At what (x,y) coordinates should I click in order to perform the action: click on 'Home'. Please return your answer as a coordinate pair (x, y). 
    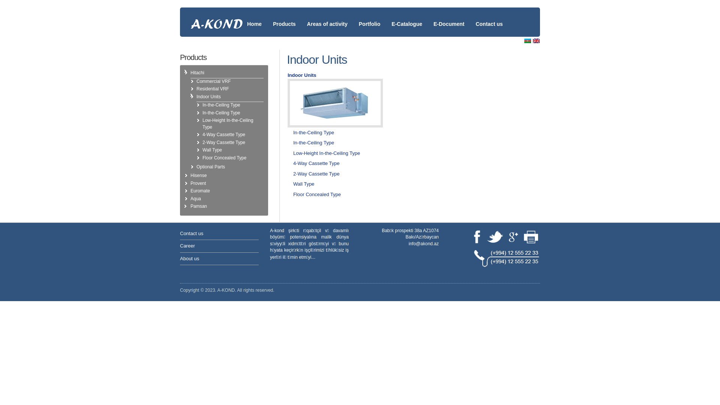
    Looking at the image, I should click on (241, 17).